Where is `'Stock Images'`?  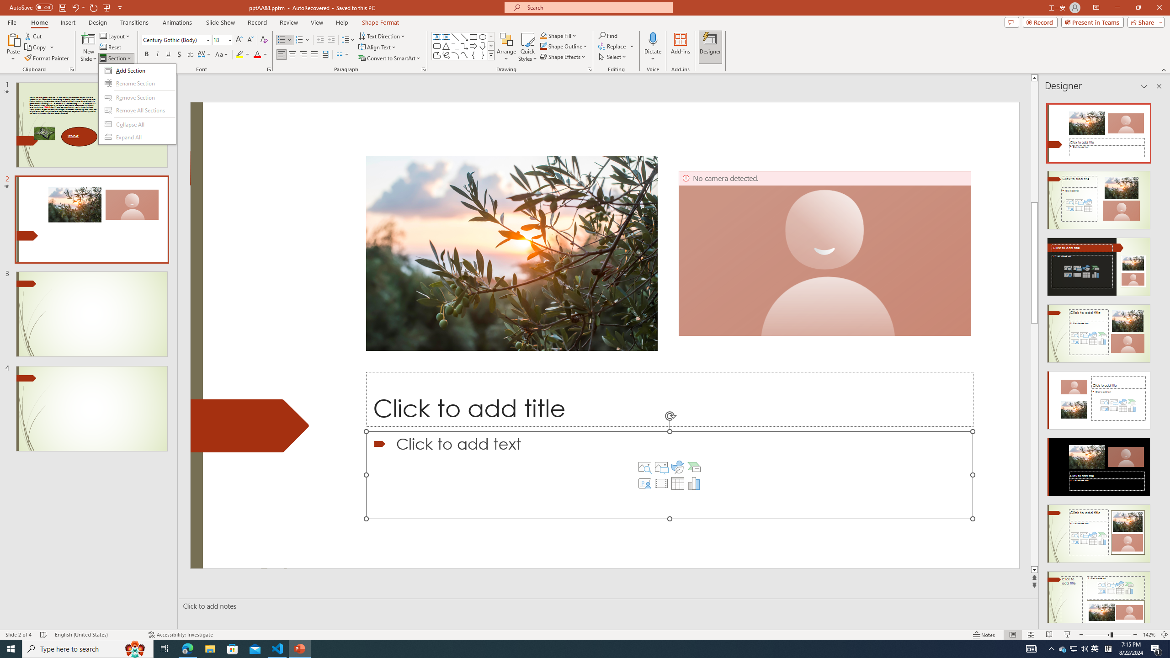
'Stock Images' is located at coordinates (644, 467).